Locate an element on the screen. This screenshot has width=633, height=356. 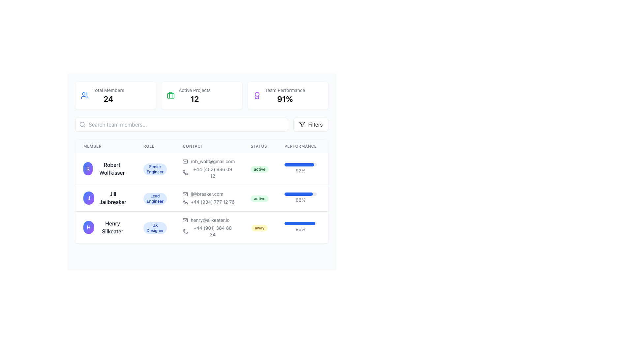
the gray pen icon button located at the end of the last row in the table for accessibility navigation is located at coordinates (339, 226).